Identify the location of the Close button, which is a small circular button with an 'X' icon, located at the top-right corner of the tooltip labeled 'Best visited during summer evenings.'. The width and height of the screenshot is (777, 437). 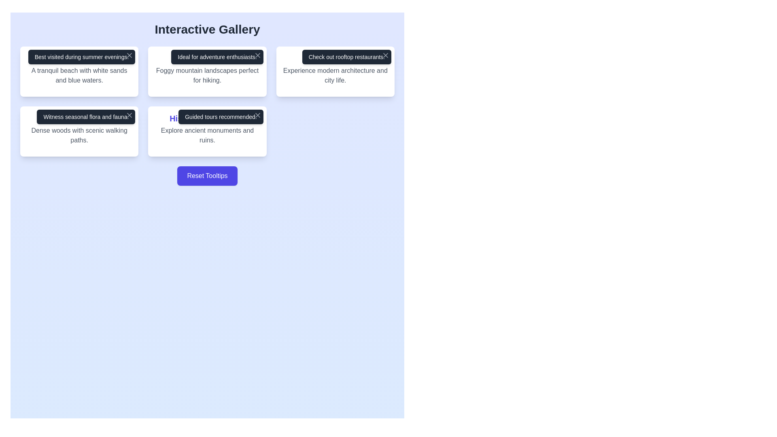
(129, 55).